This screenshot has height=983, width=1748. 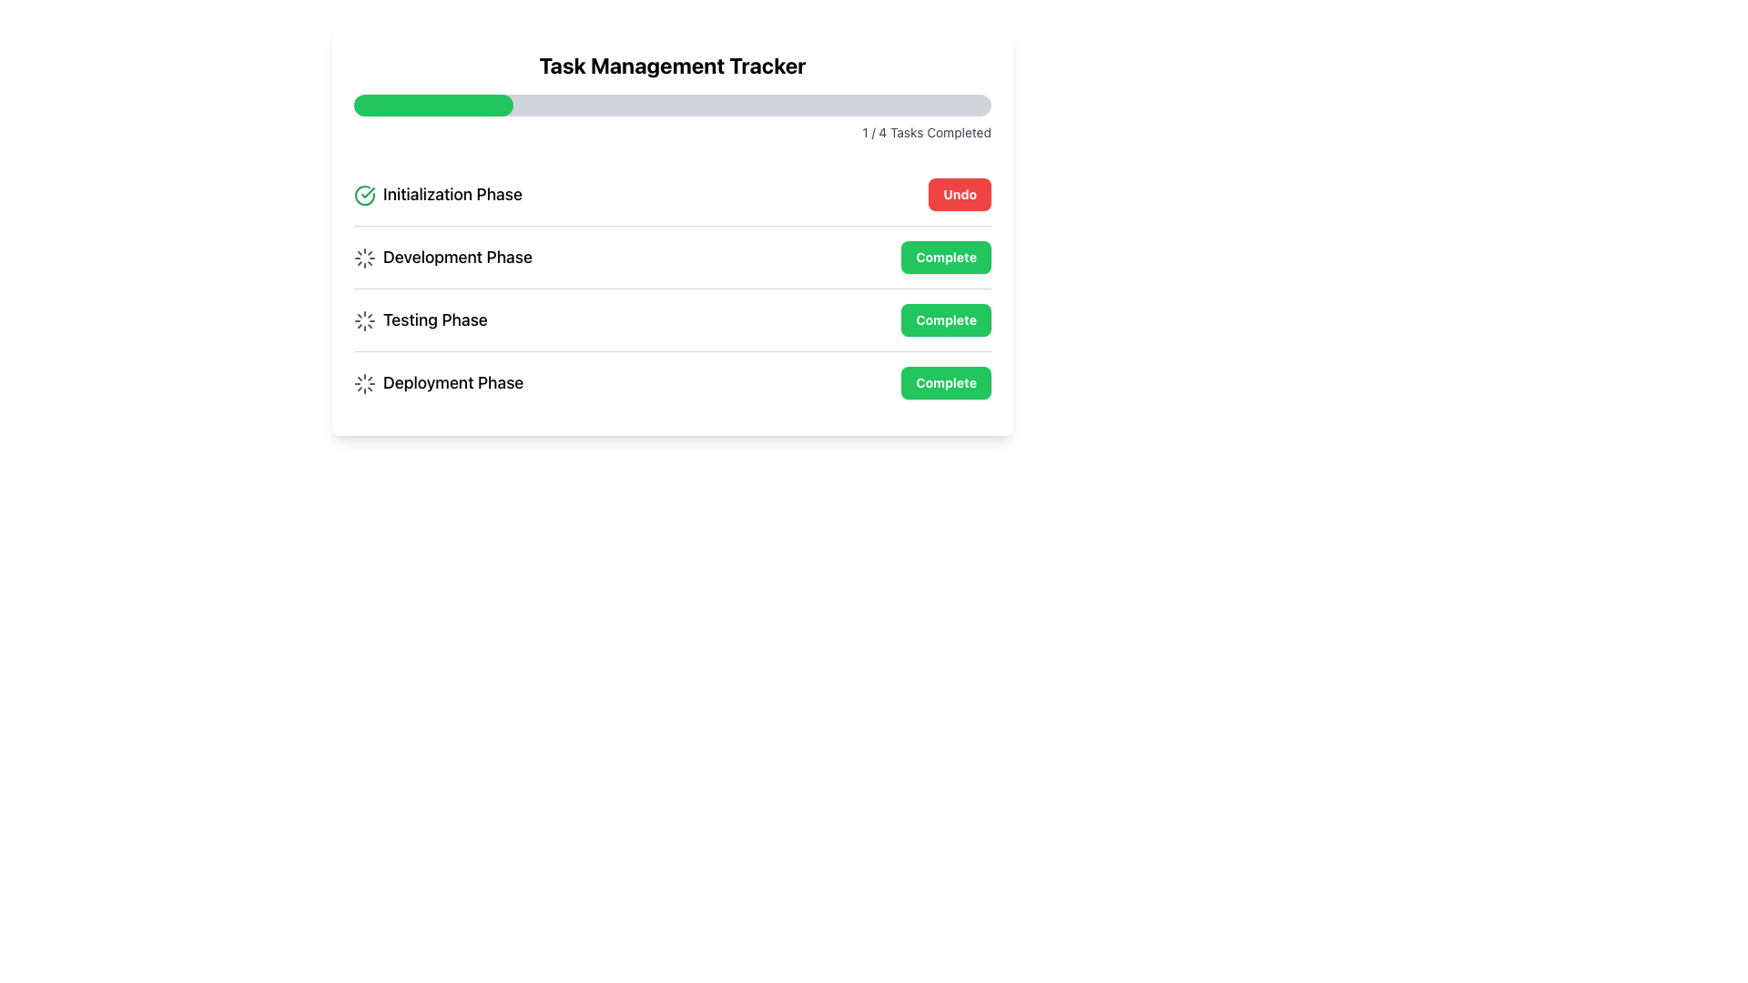 I want to click on the green rectangular 'Complete' button with rounded corners, so click(x=946, y=257).